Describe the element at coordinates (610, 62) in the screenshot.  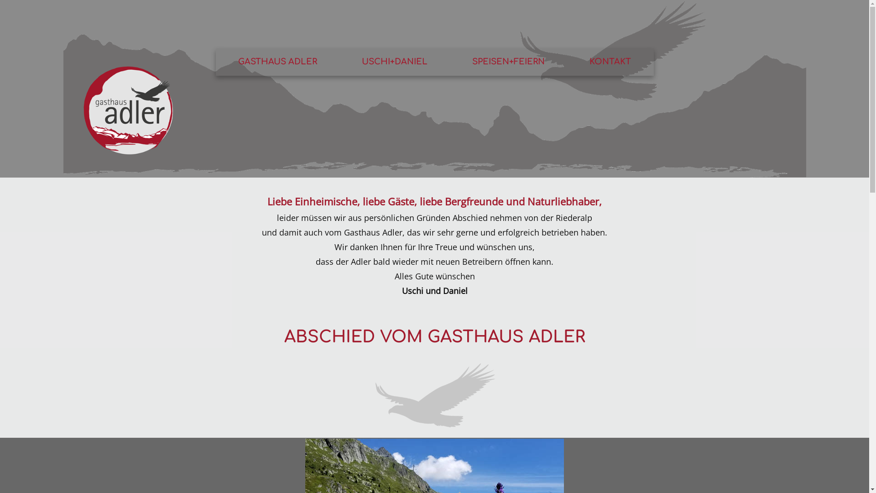
I see `'KONTAKT'` at that location.